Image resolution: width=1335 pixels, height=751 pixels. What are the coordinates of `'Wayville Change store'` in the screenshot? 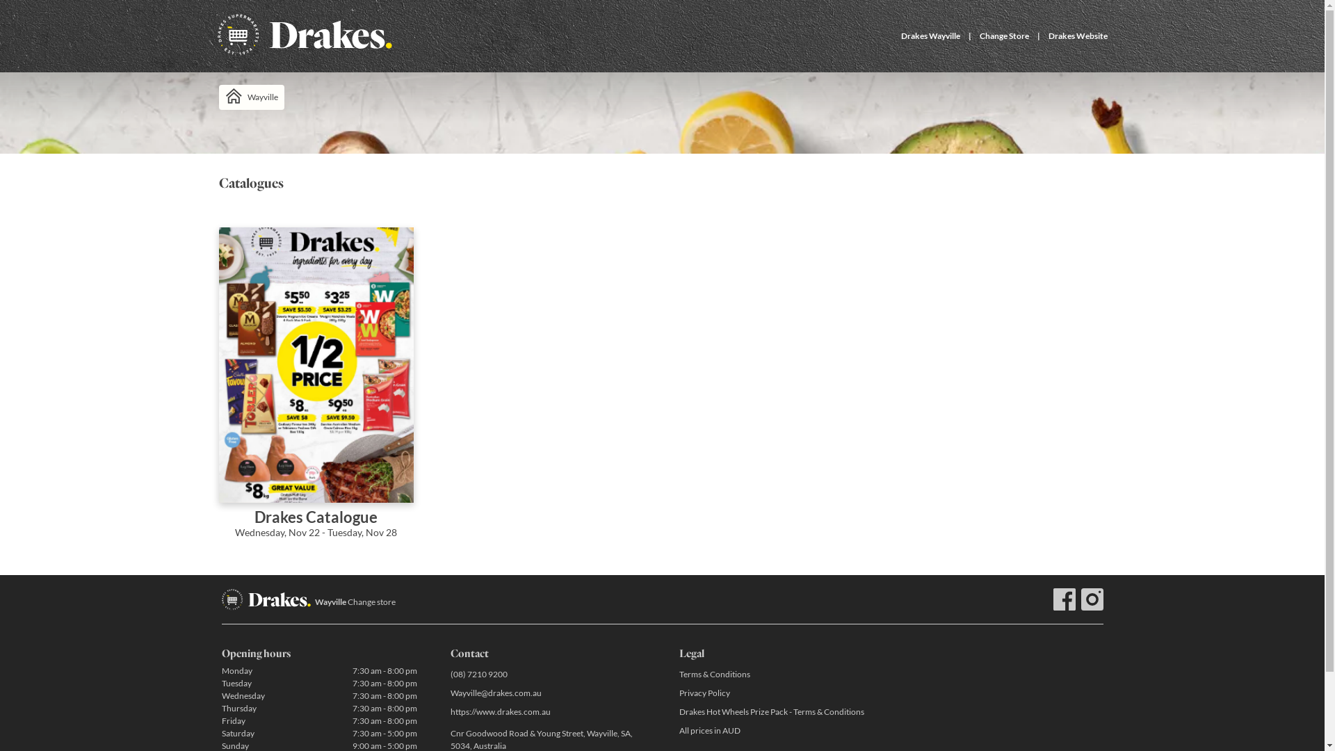 It's located at (354, 601).